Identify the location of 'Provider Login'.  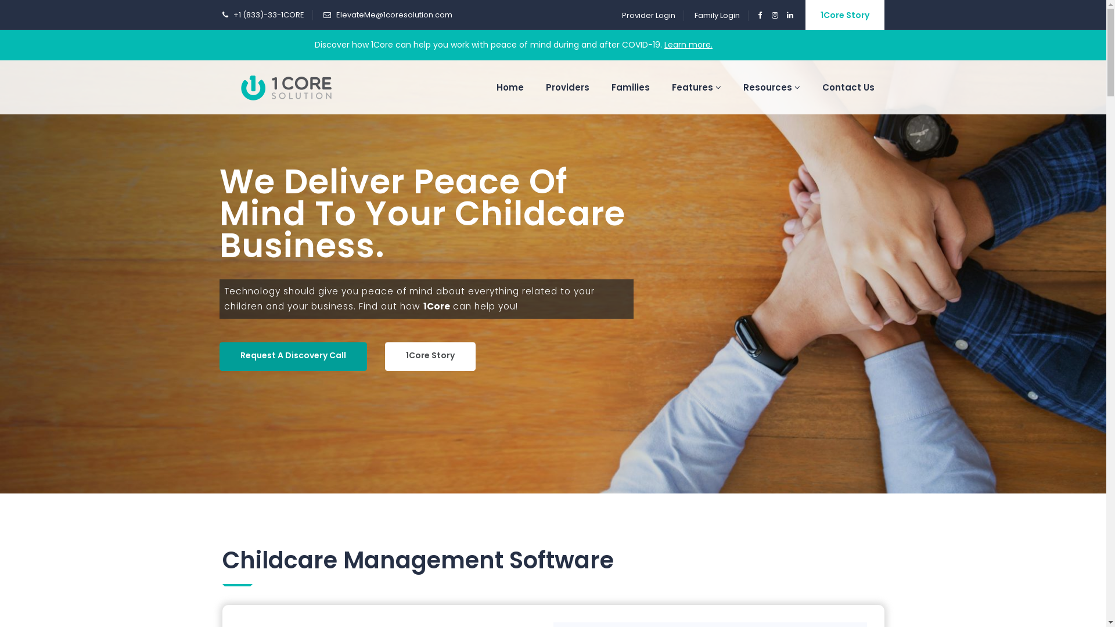
(648, 15).